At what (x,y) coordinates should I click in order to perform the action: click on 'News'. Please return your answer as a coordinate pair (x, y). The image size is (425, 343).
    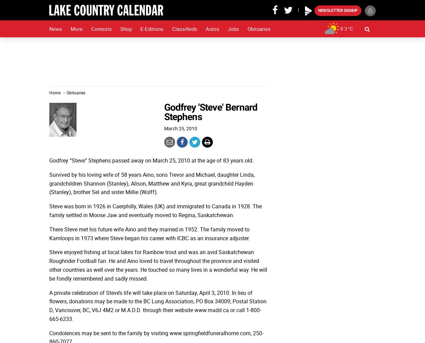
    Looking at the image, I should click on (56, 28).